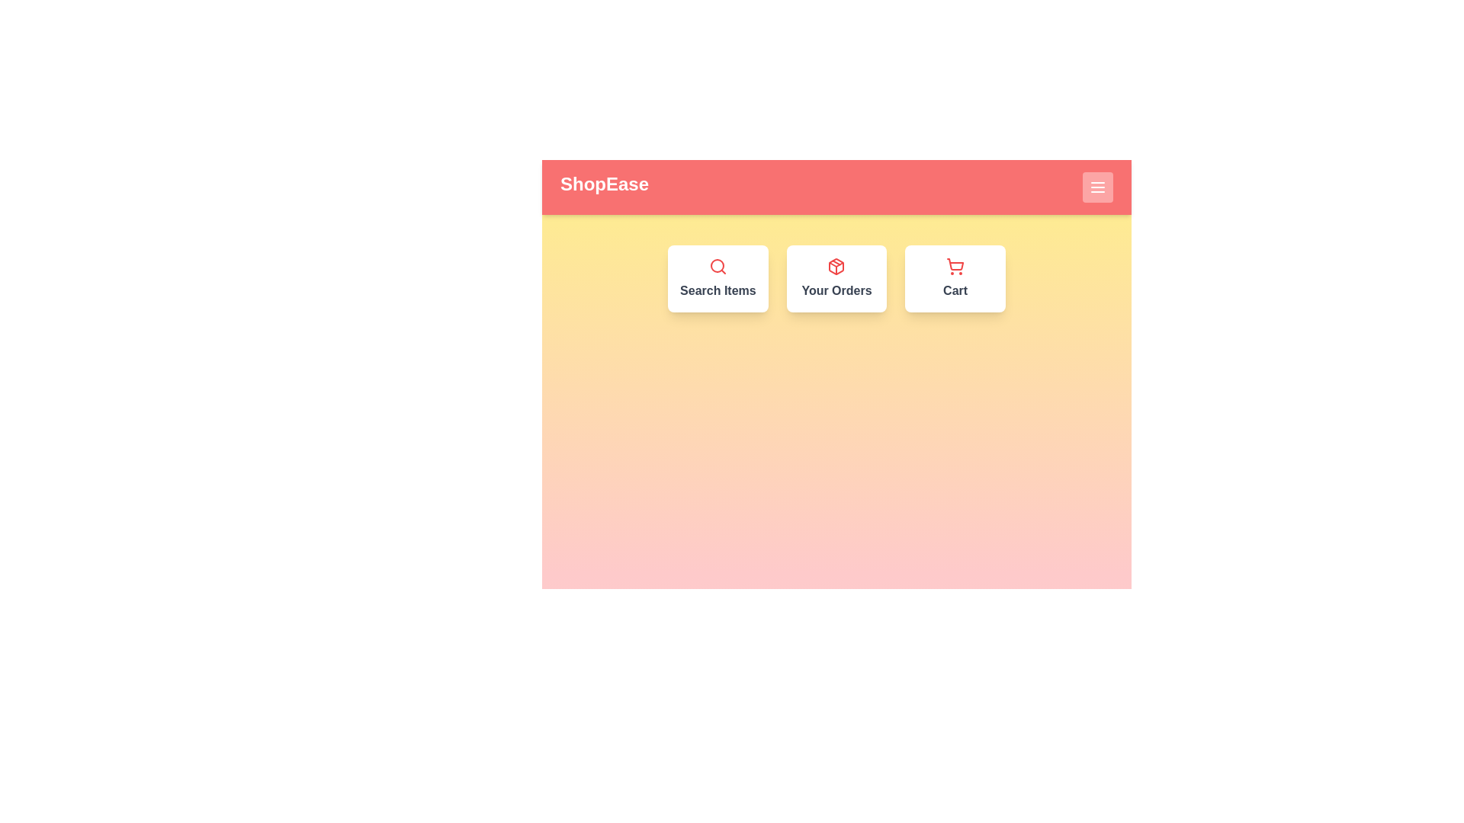 Image resolution: width=1464 pixels, height=823 pixels. Describe the element at coordinates (836, 279) in the screenshot. I see `the 'Your Orders' icon` at that location.